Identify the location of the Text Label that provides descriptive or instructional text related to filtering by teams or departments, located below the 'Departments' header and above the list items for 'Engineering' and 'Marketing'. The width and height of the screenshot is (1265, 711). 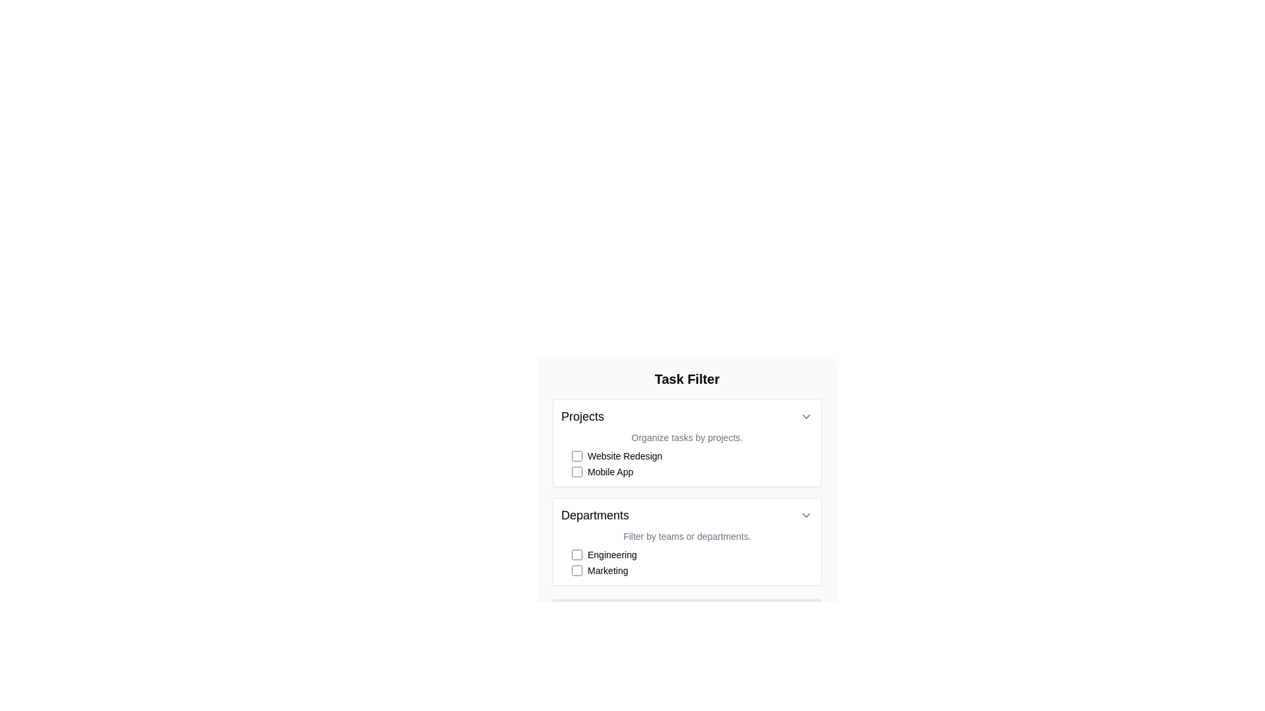
(686, 536).